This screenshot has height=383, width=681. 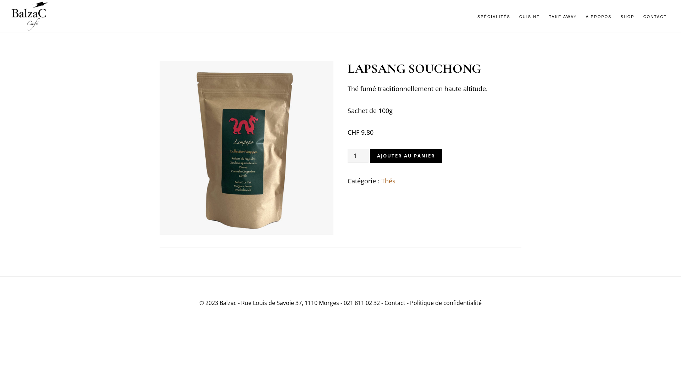 What do you see at coordinates (530, 16) in the screenshot?
I see `'CUISINE'` at bounding box center [530, 16].